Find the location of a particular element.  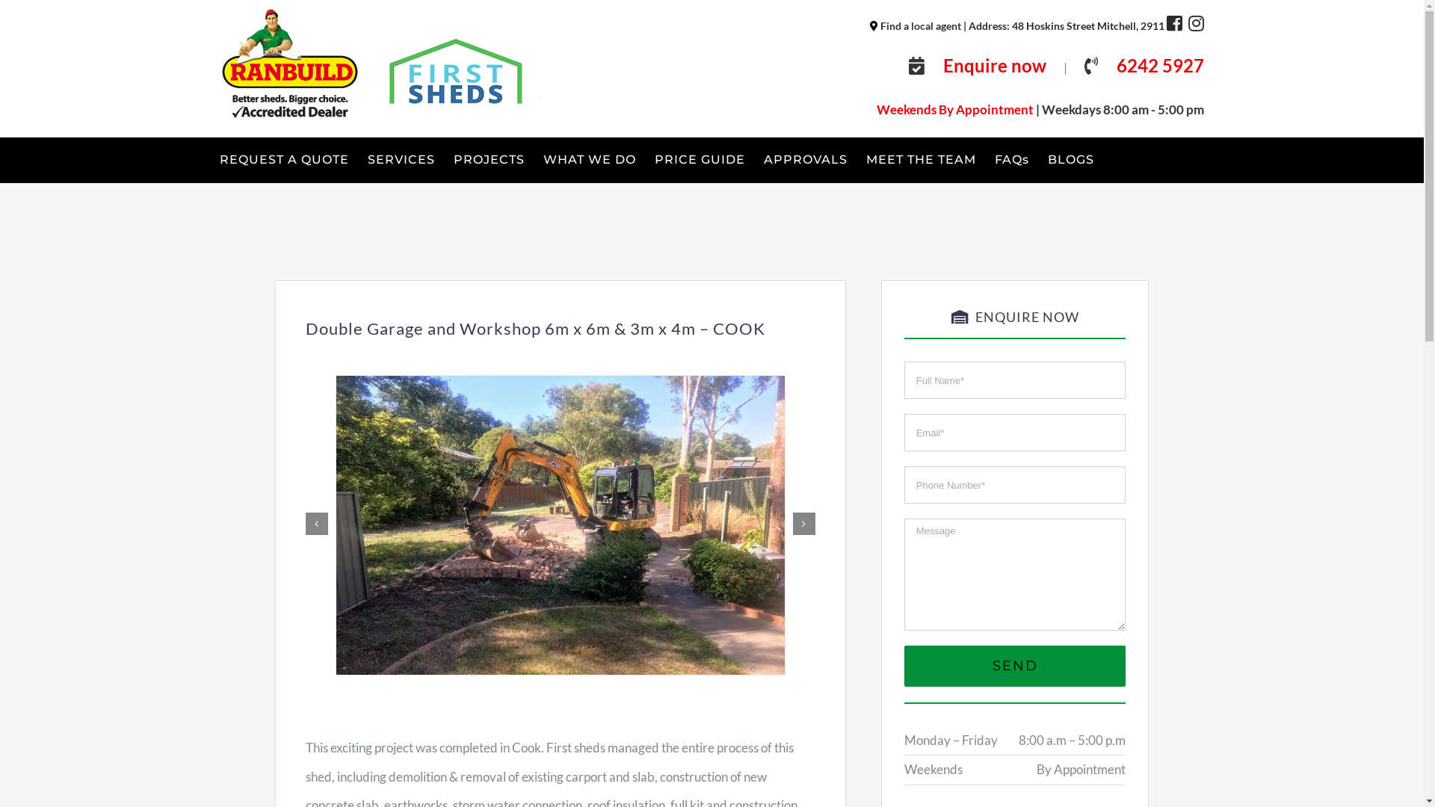

'6242 5927' is located at coordinates (1116, 65).